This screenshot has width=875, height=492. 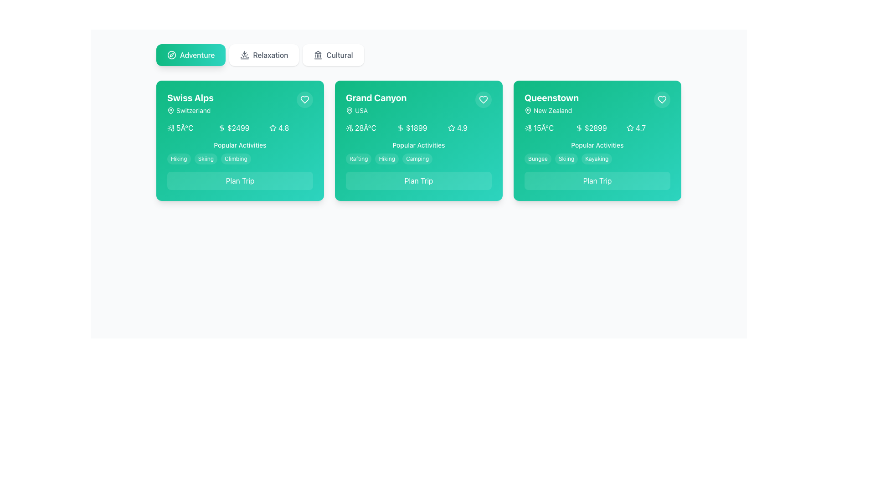 I want to click on pricing information displayed as a dollar currency symbol followed by the price value of $2499, which is styled in white text on a green background, located centrally under the temperature indicator in the first card from the left, so click(x=240, y=128).